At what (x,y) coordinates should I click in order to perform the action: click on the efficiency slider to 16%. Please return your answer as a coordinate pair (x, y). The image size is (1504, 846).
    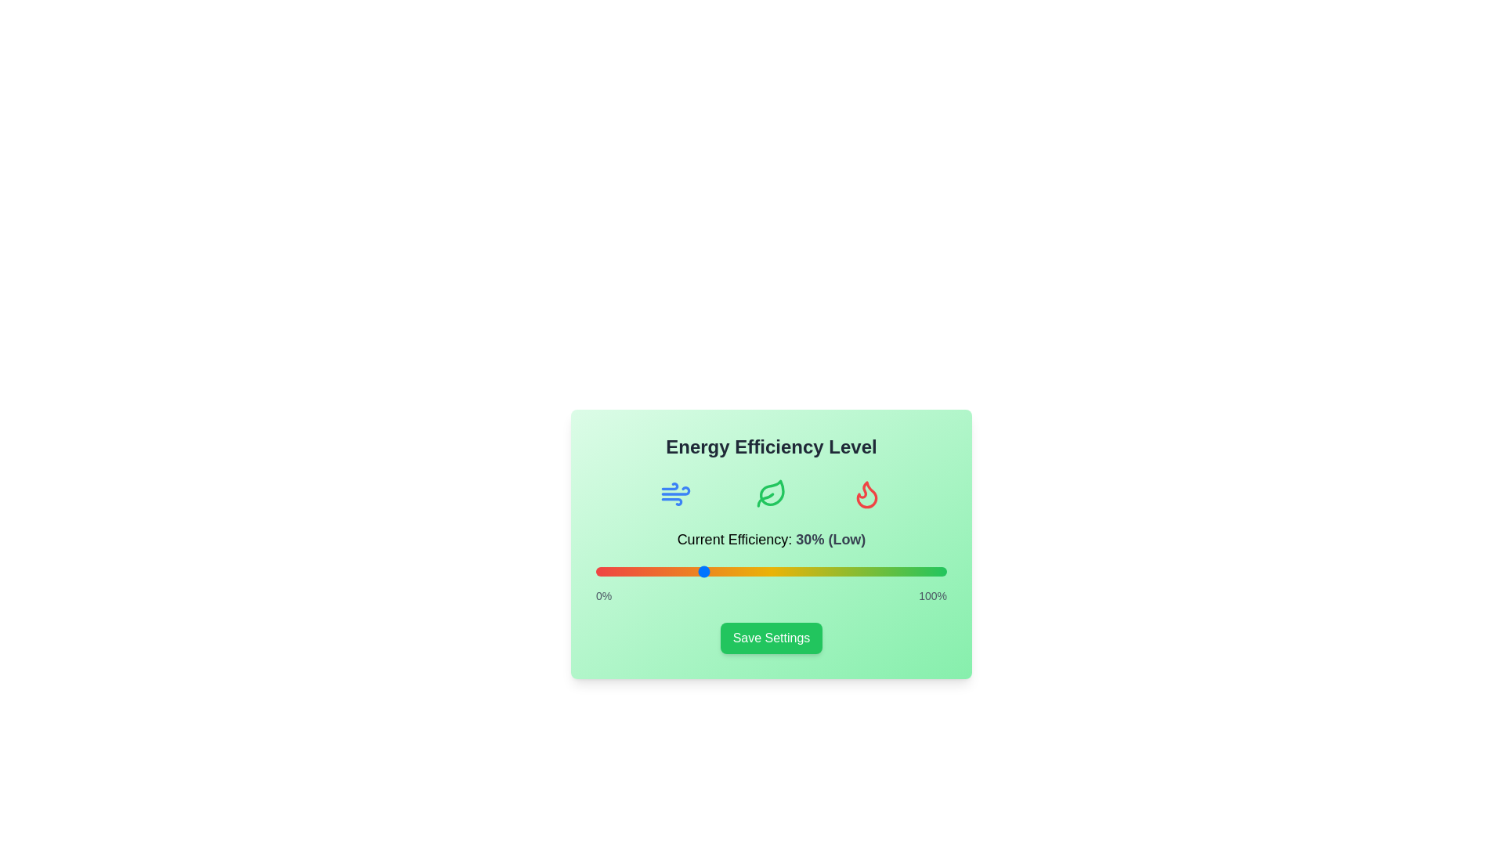
    Looking at the image, I should click on (652, 571).